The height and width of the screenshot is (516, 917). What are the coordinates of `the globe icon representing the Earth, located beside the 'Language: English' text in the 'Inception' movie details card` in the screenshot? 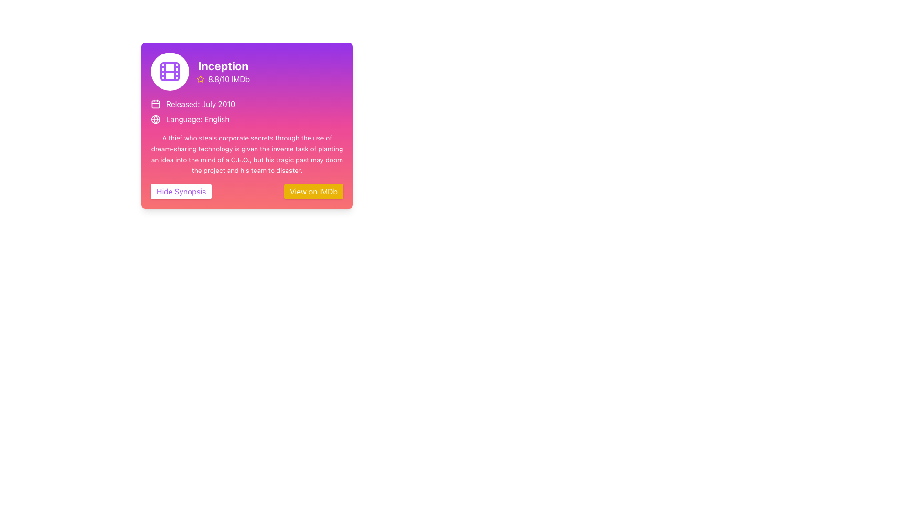 It's located at (156, 119).